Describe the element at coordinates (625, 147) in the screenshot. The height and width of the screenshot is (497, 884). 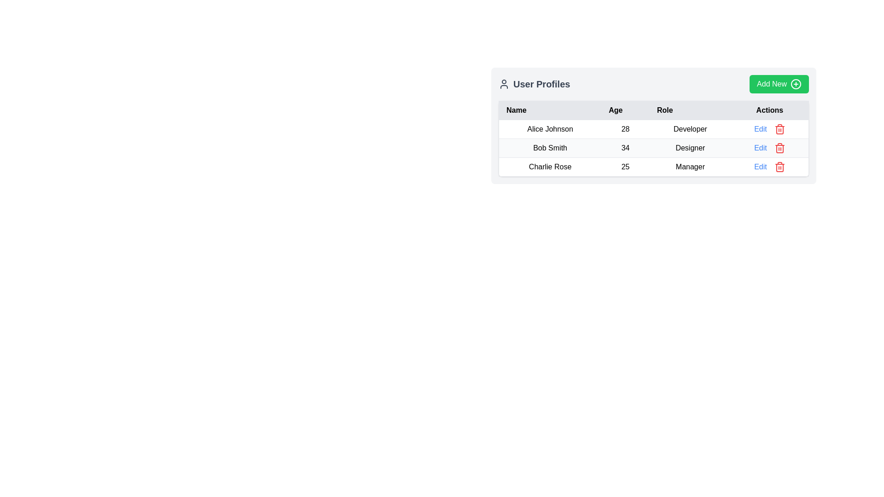
I see `the text element displaying '34' in the 'Age' column for user 'Bob Smith' in the table` at that location.